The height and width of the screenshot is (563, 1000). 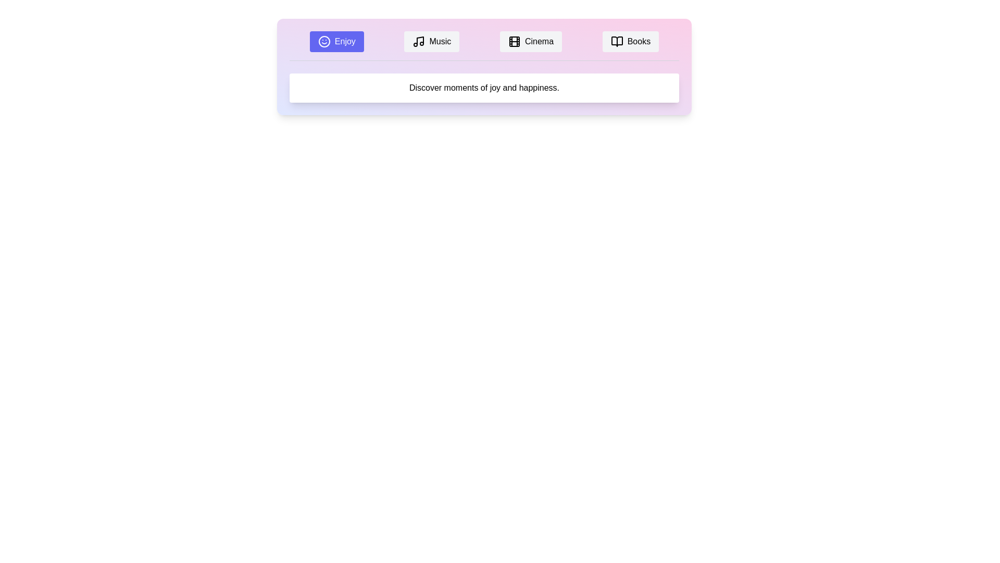 I want to click on the tab labeled Music to select it, so click(x=432, y=41).